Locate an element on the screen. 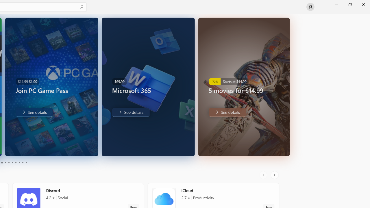  'Restore Microsoft Store' is located at coordinates (349, 4).